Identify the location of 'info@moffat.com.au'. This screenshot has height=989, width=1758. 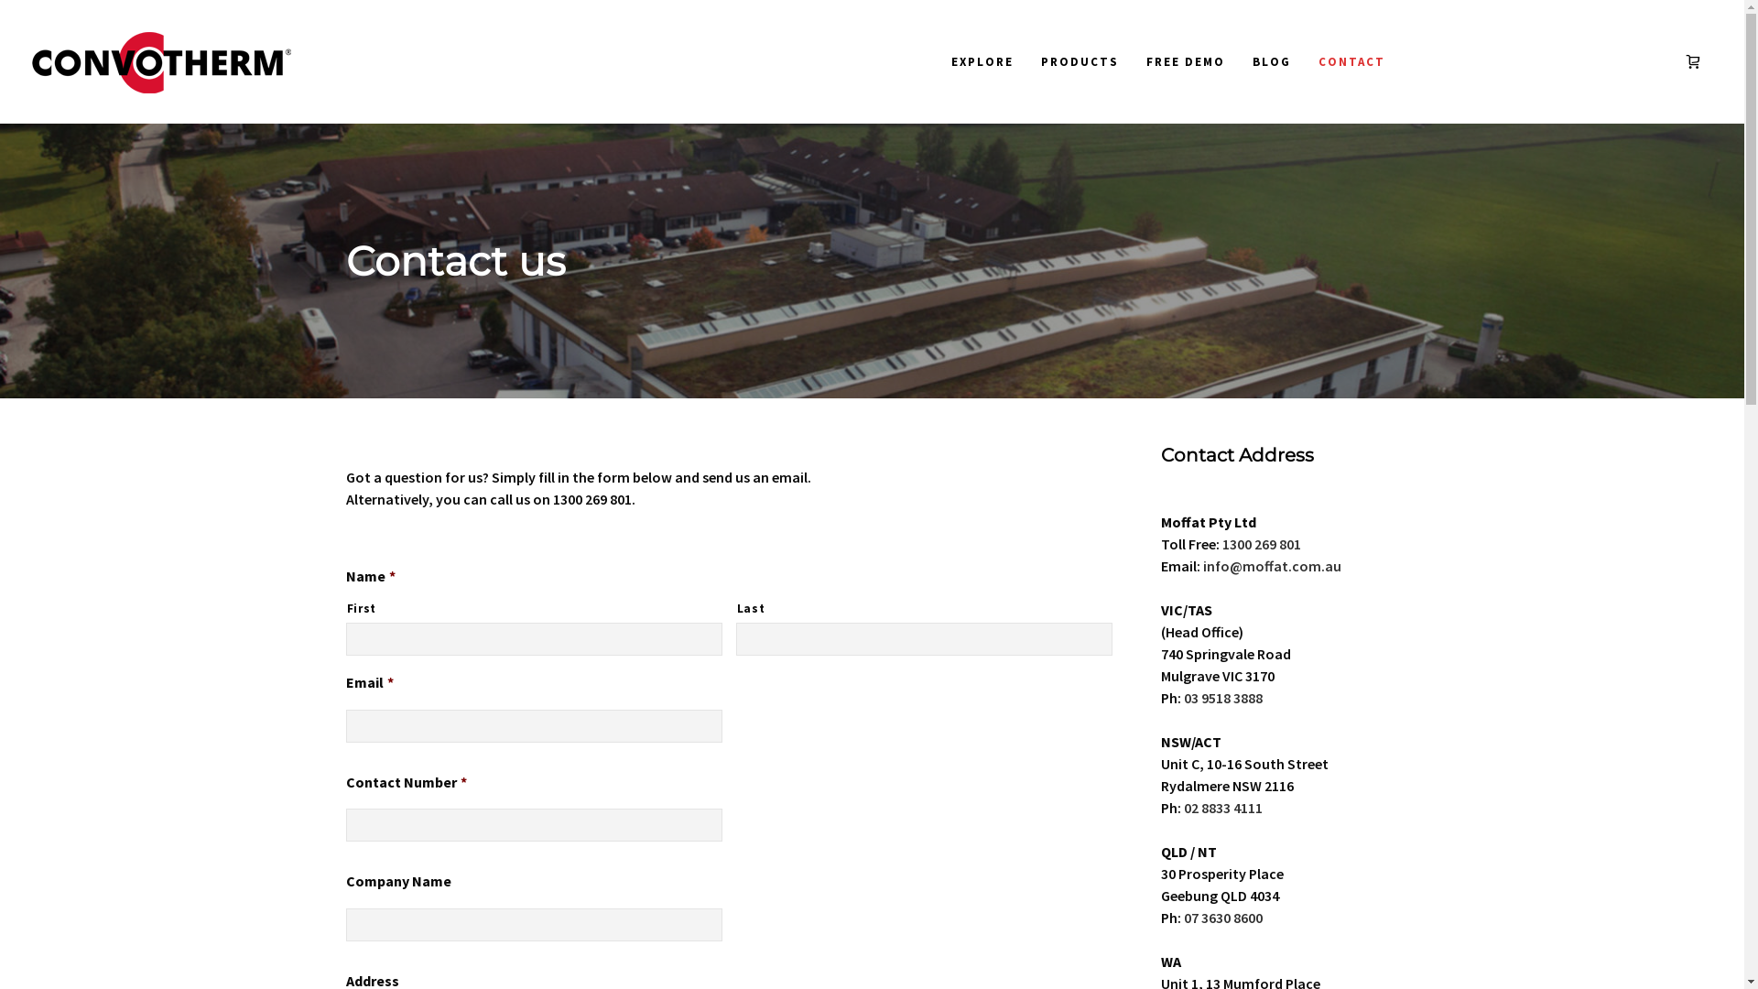
(1271, 564).